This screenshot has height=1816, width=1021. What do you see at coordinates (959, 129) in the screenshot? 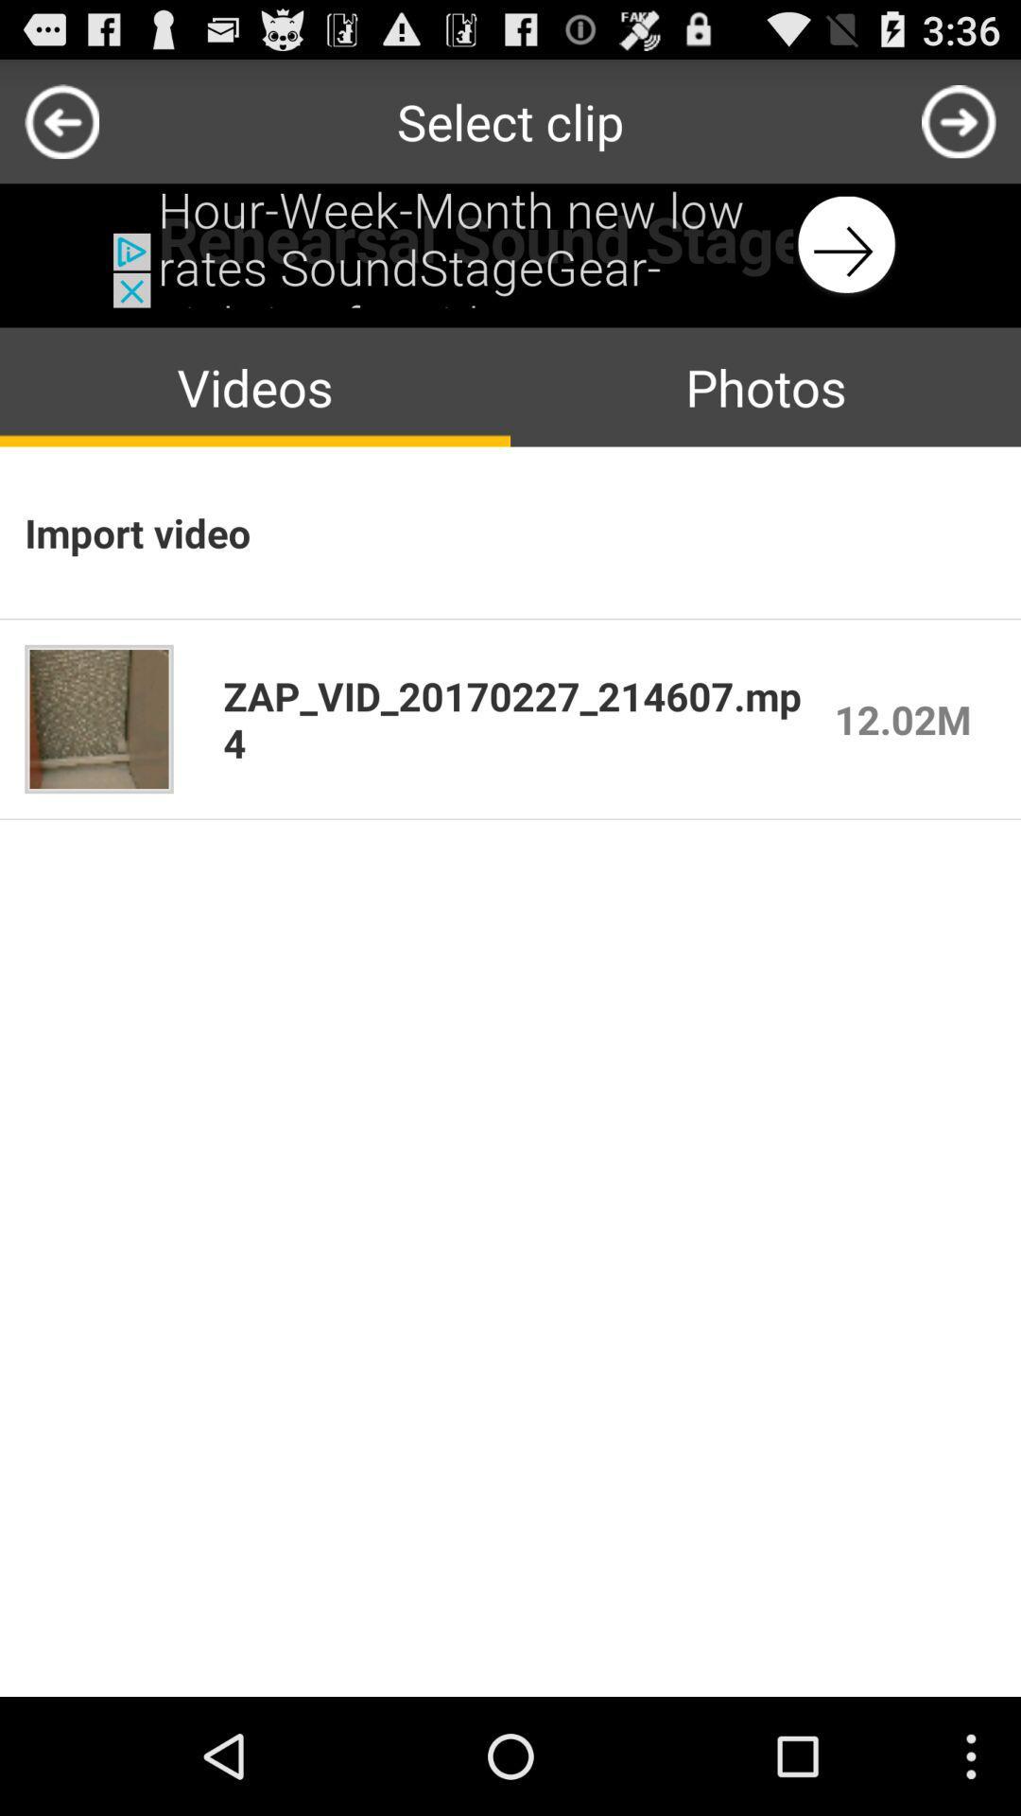
I see `the arrow_forward icon` at bounding box center [959, 129].